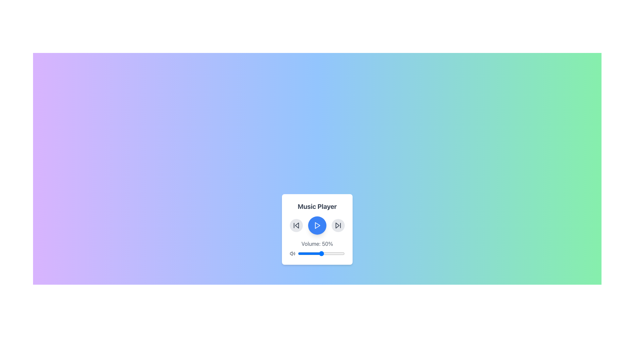  I want to click on the slider, so click(330, 253).